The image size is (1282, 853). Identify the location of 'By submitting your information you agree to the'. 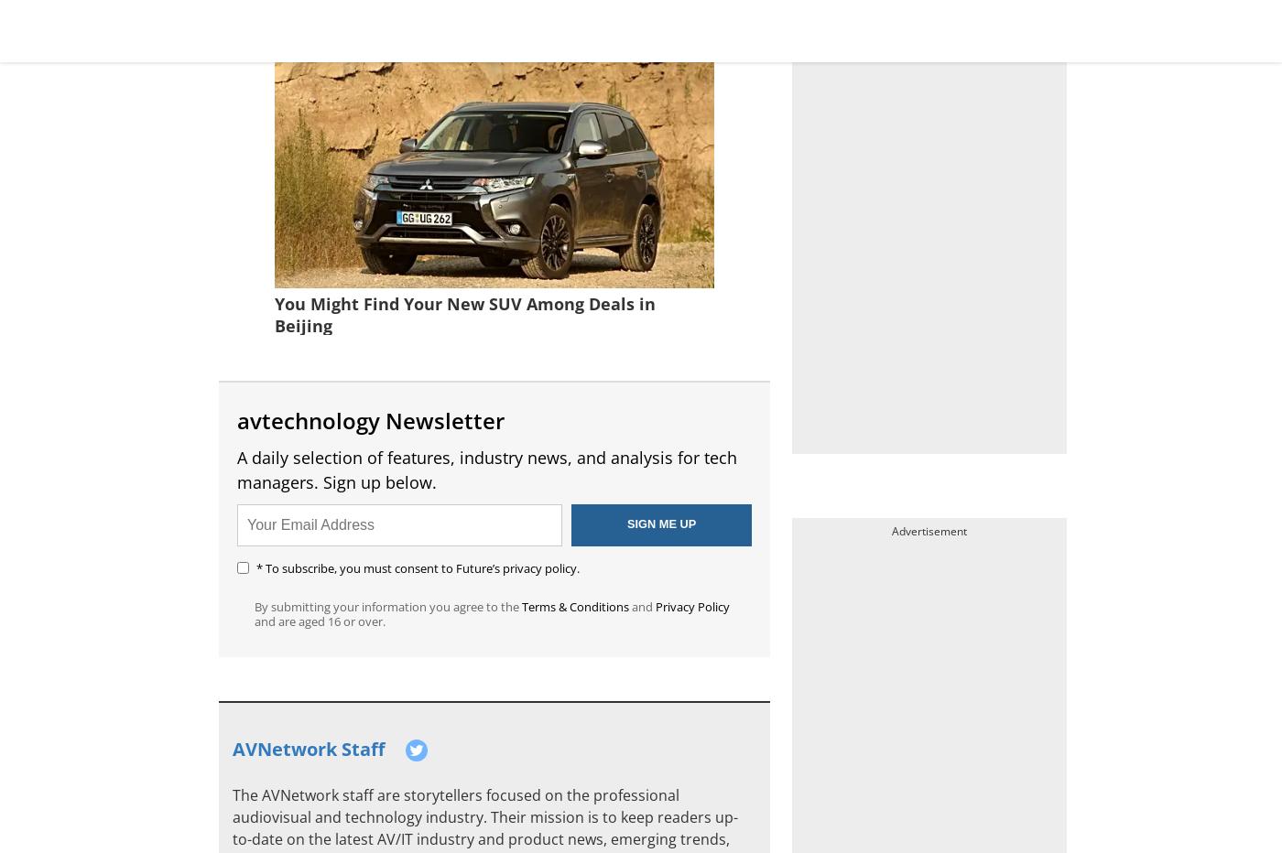
(388, 605).